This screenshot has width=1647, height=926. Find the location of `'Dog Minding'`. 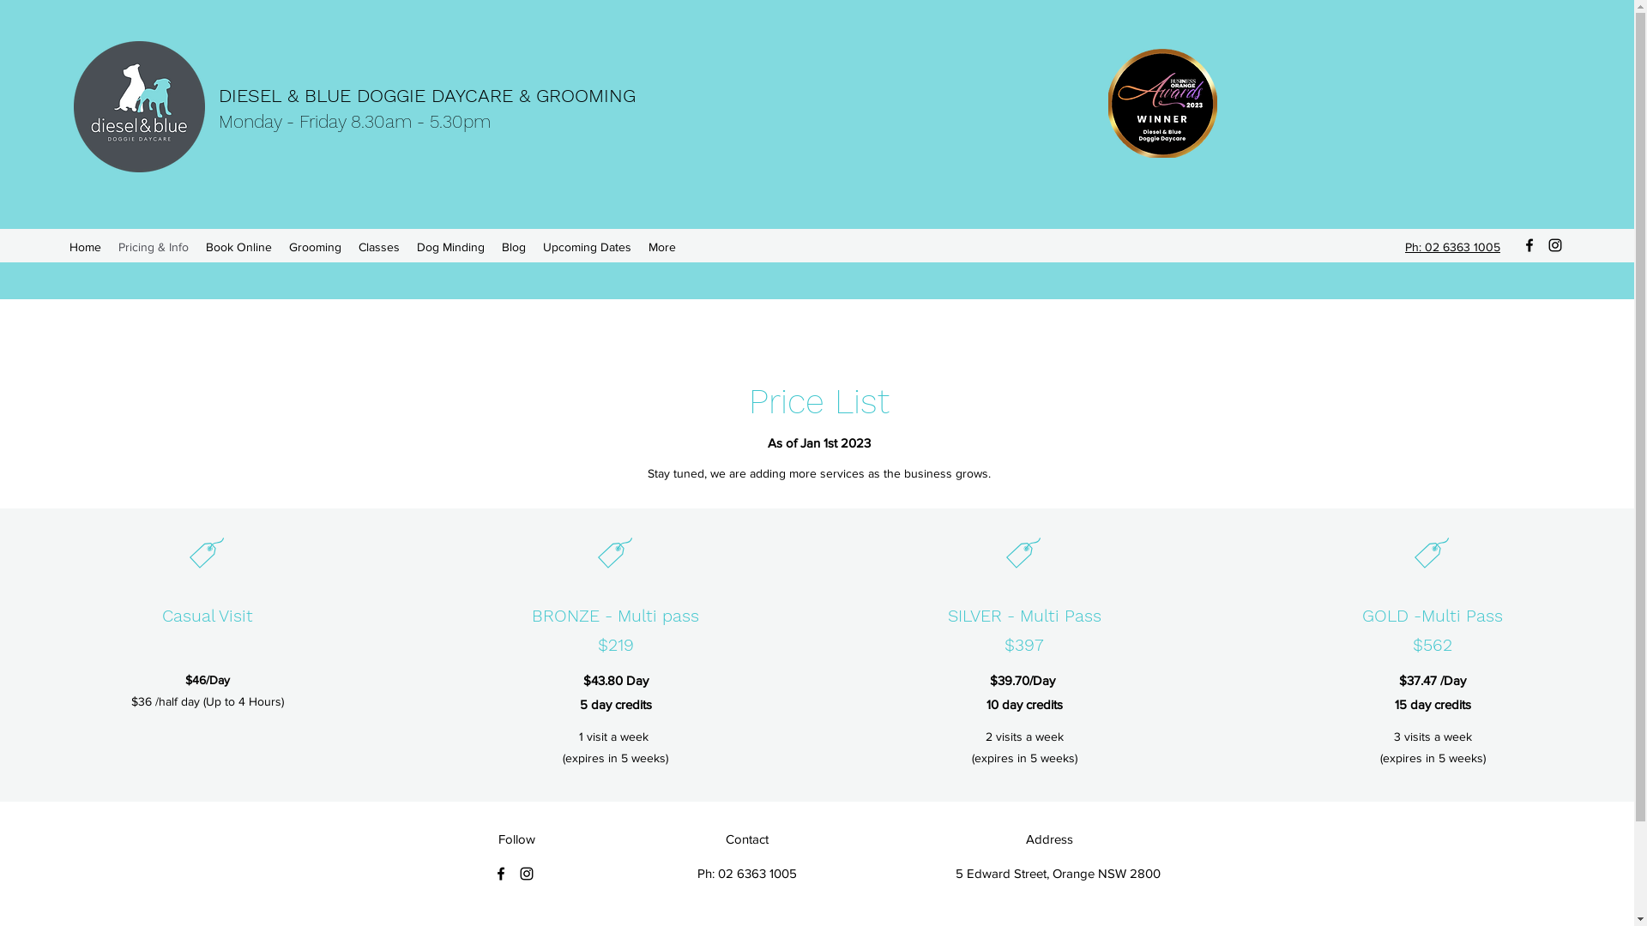

'Dog Minding' is located at coordinates (407, 247).